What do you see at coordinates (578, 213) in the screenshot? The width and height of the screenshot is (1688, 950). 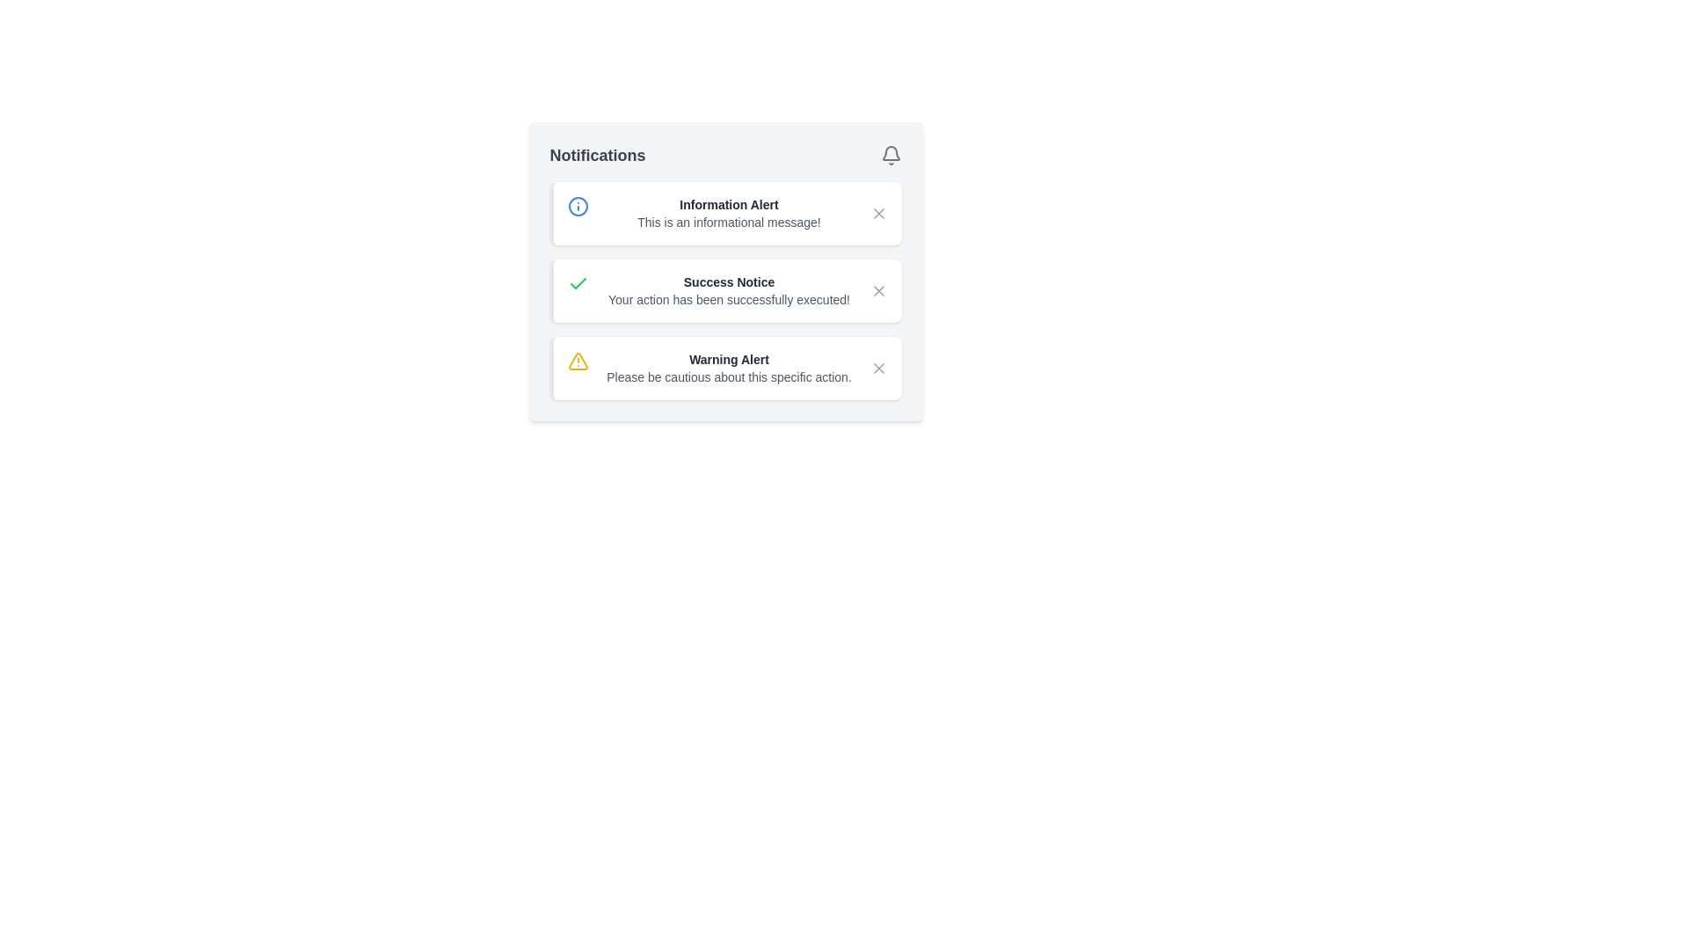 I see `blue-colored info icon with a circular border and 'i' symbol, located at the beginning of the informational alert section` at bounding box center [578, 213].